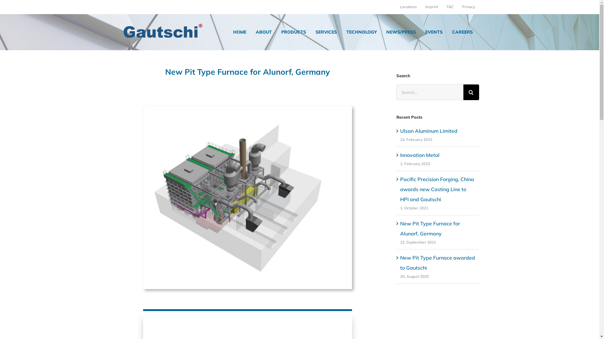 The image size is (604, 339). What do you see at coordinates (263, 32) in the screenshot?
I see `'ABOUT'` at bounding box center [263, 32].